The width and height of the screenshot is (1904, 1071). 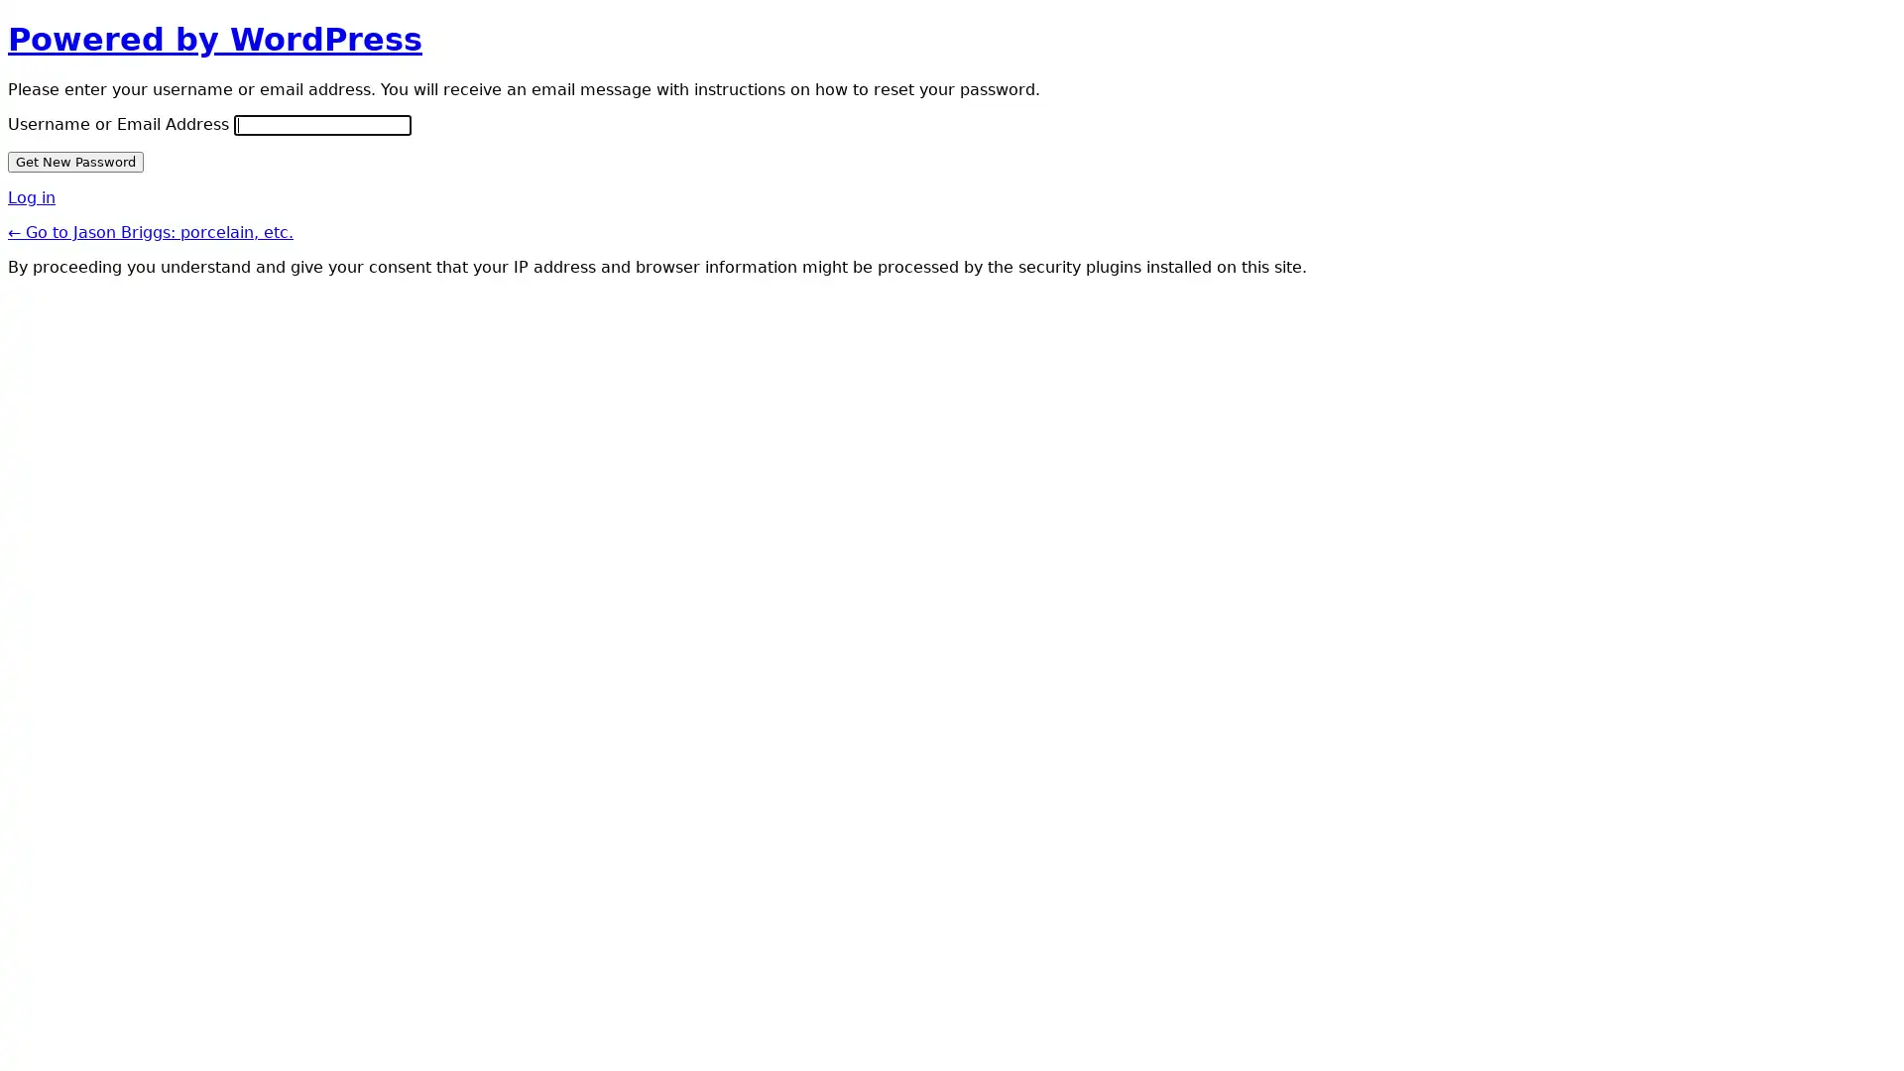 I want to click on Get New Password, so click(x=75, y=160).